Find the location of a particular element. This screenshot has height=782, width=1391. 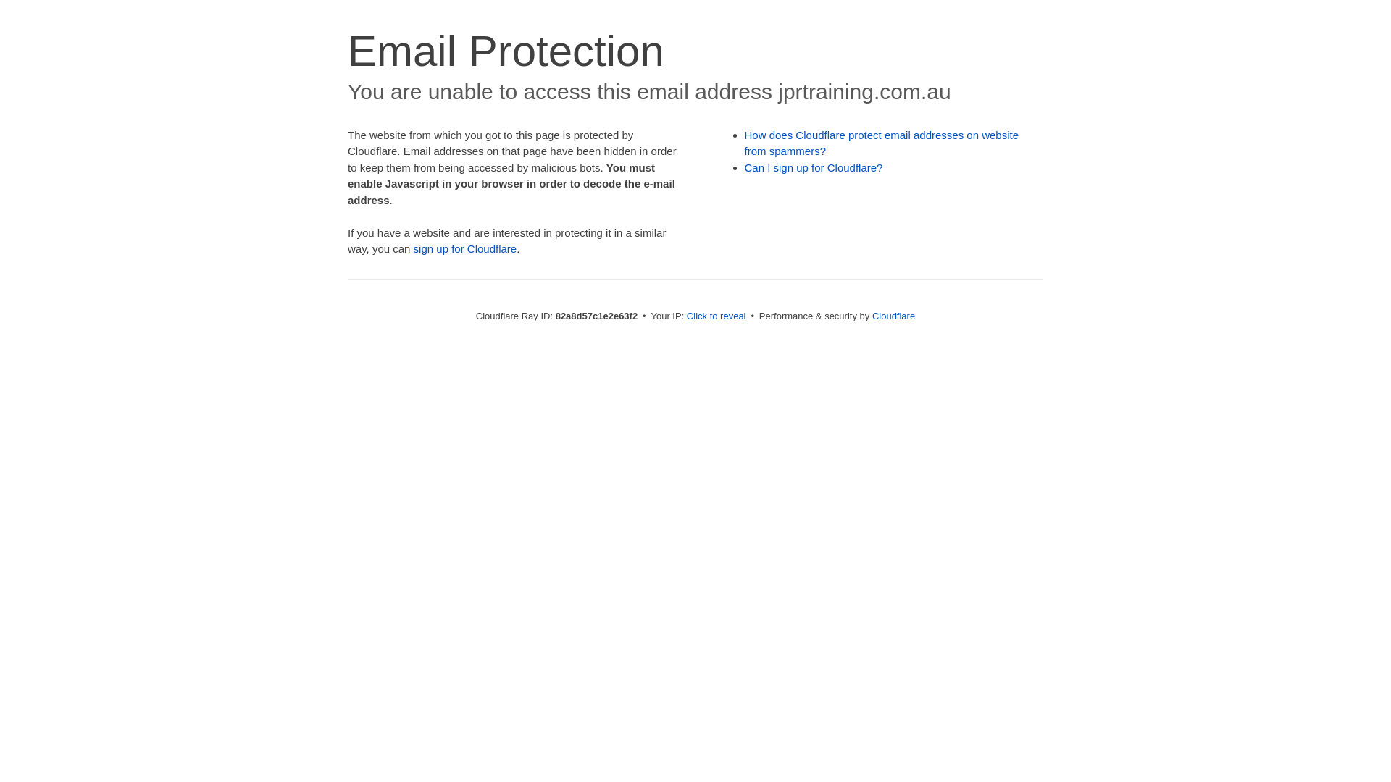

'Cloudflare' is located at coordinates (893, 315).